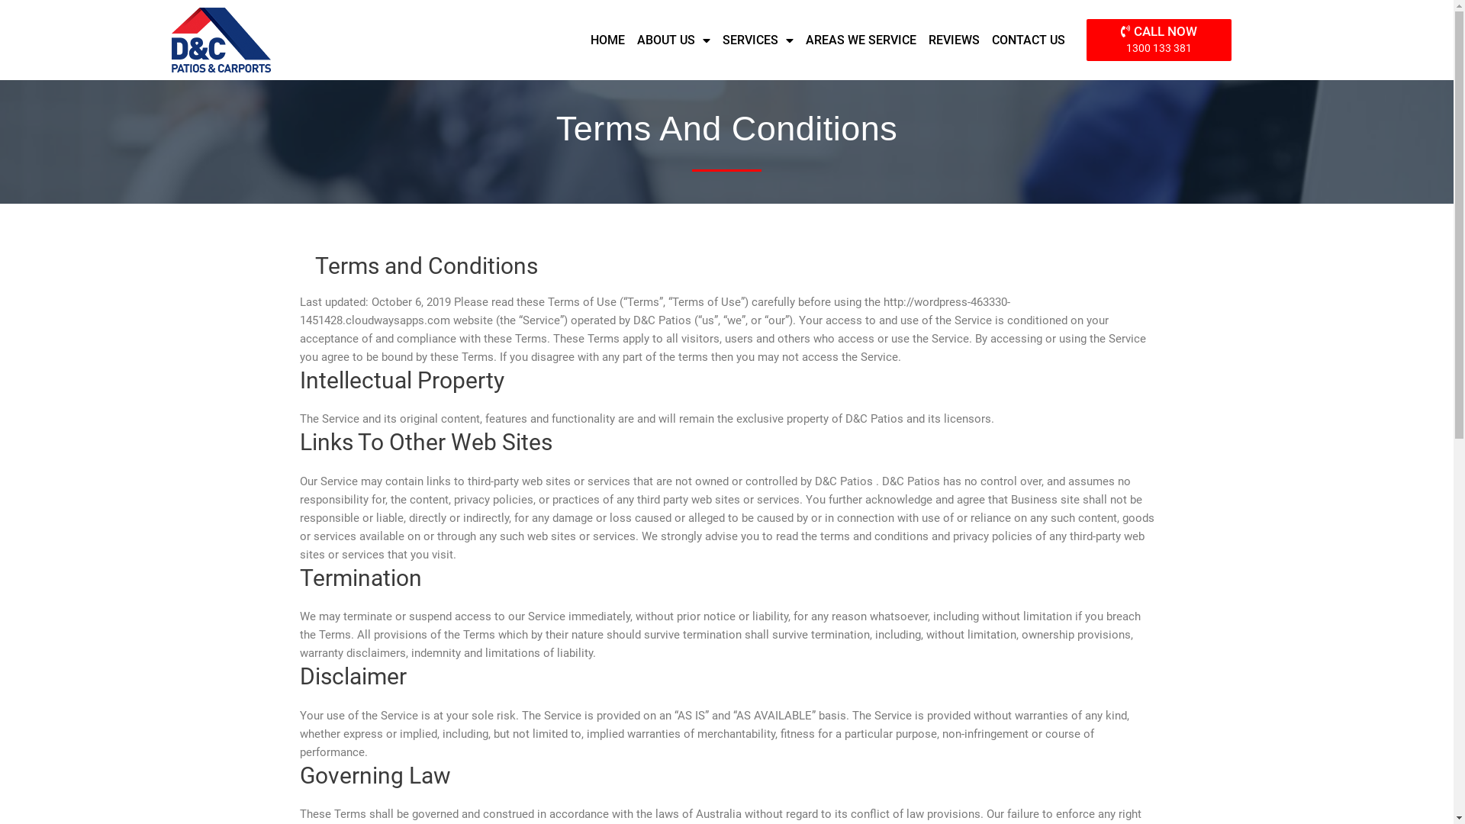 The height and width of the screenshot is (824, 1465). What do you see at coordinates (673, 38) in the screenshot?
I see `'ABOUT US'` at bounding box center [673, 38].